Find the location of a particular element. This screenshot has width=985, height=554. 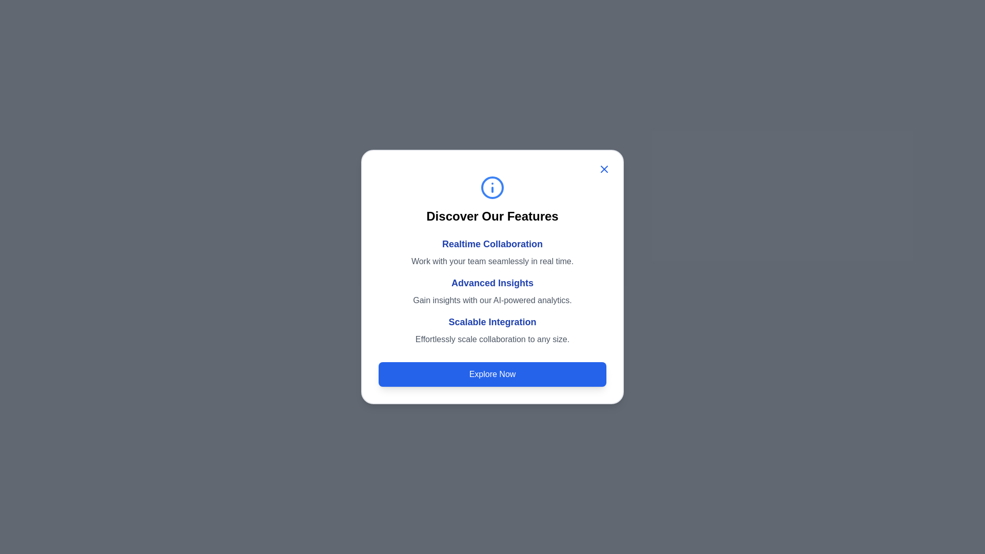

the small blue 'x' mark icon located at the top-right corner of the white card is located at coordinates (604, 169).